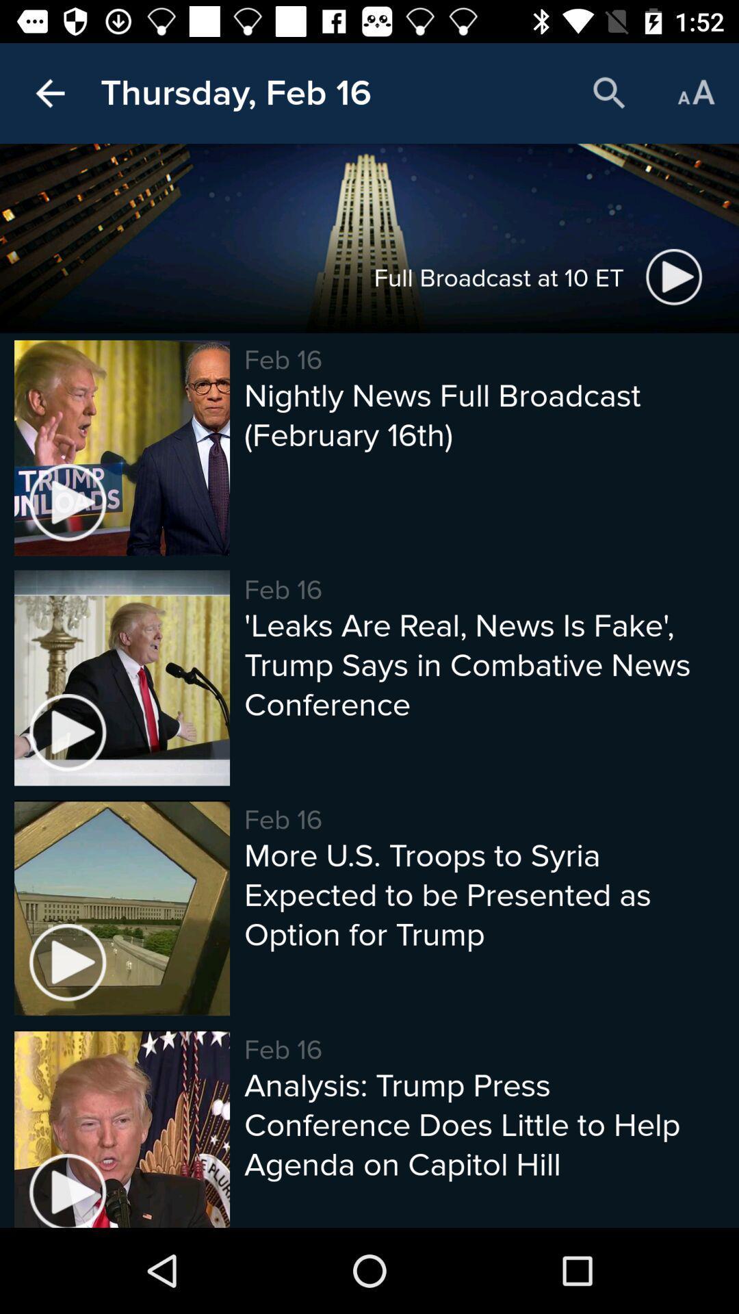  I want to click on the thursday, feb 16 icon, so click(235, 92).